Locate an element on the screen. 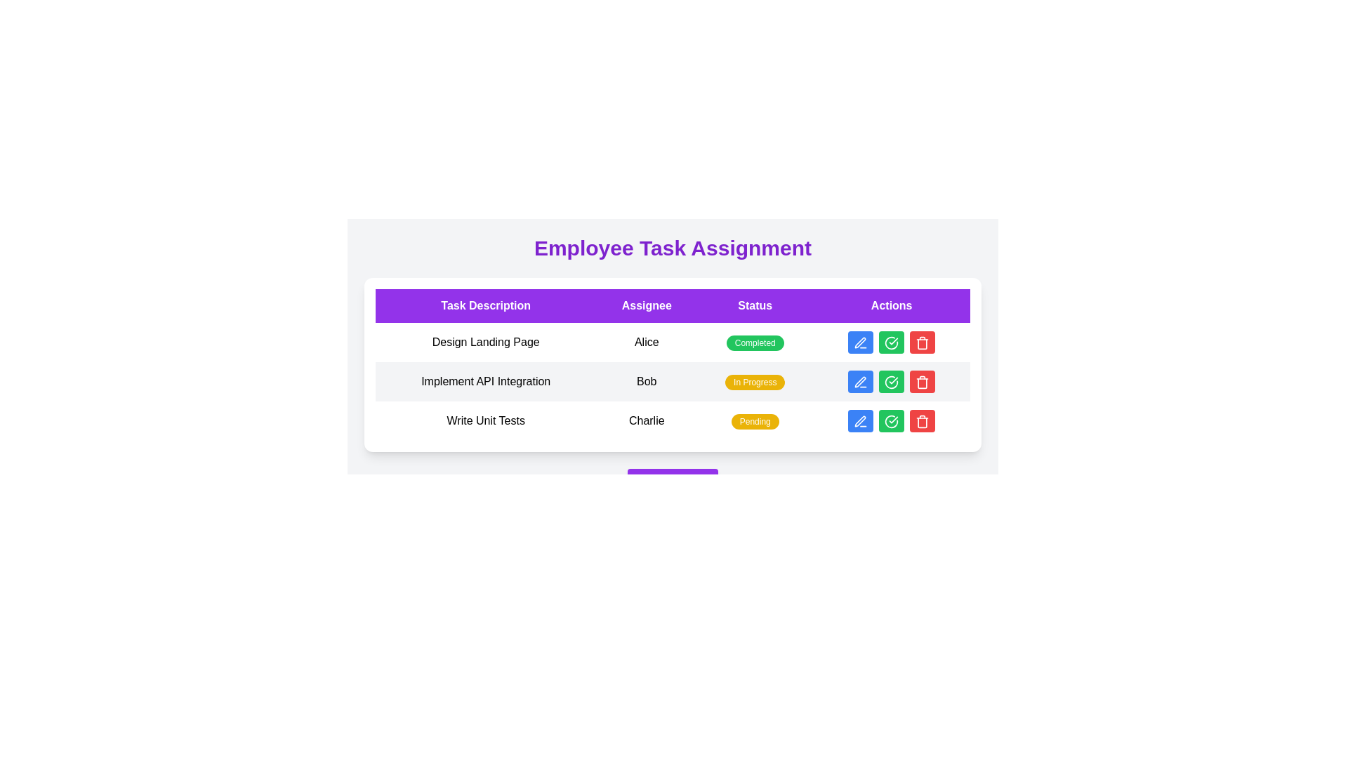  the leftmost icon button in the Actions column of the first row, which corresponds to the task assigned to Alice is located at coordinates (859, 343).